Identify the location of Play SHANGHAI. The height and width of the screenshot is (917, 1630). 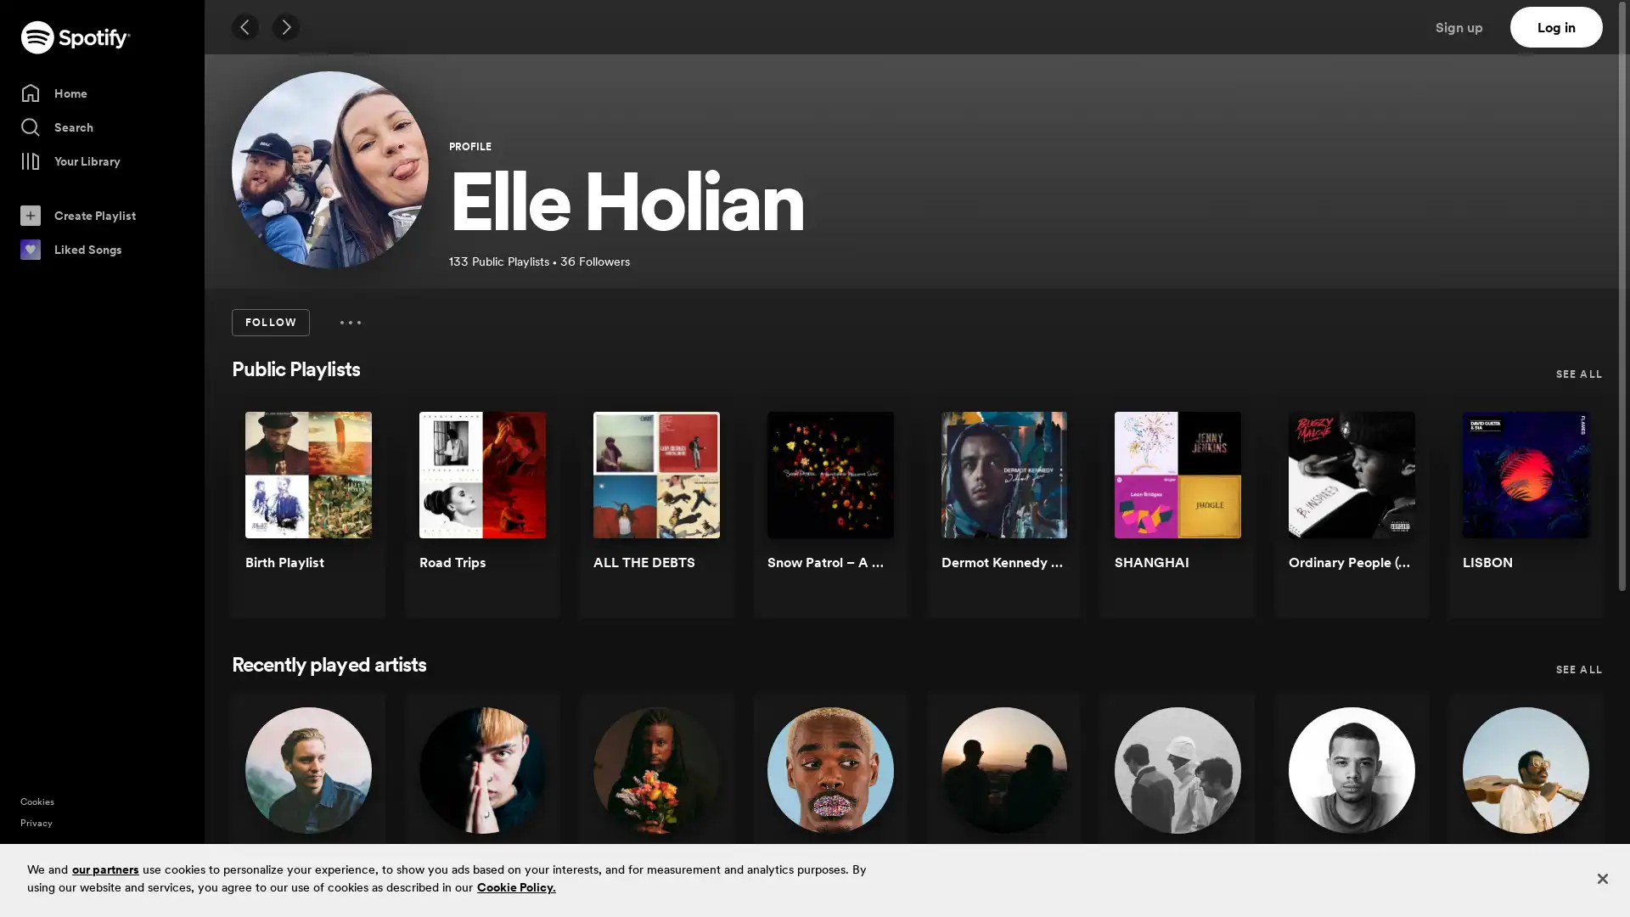
(1213, 516).